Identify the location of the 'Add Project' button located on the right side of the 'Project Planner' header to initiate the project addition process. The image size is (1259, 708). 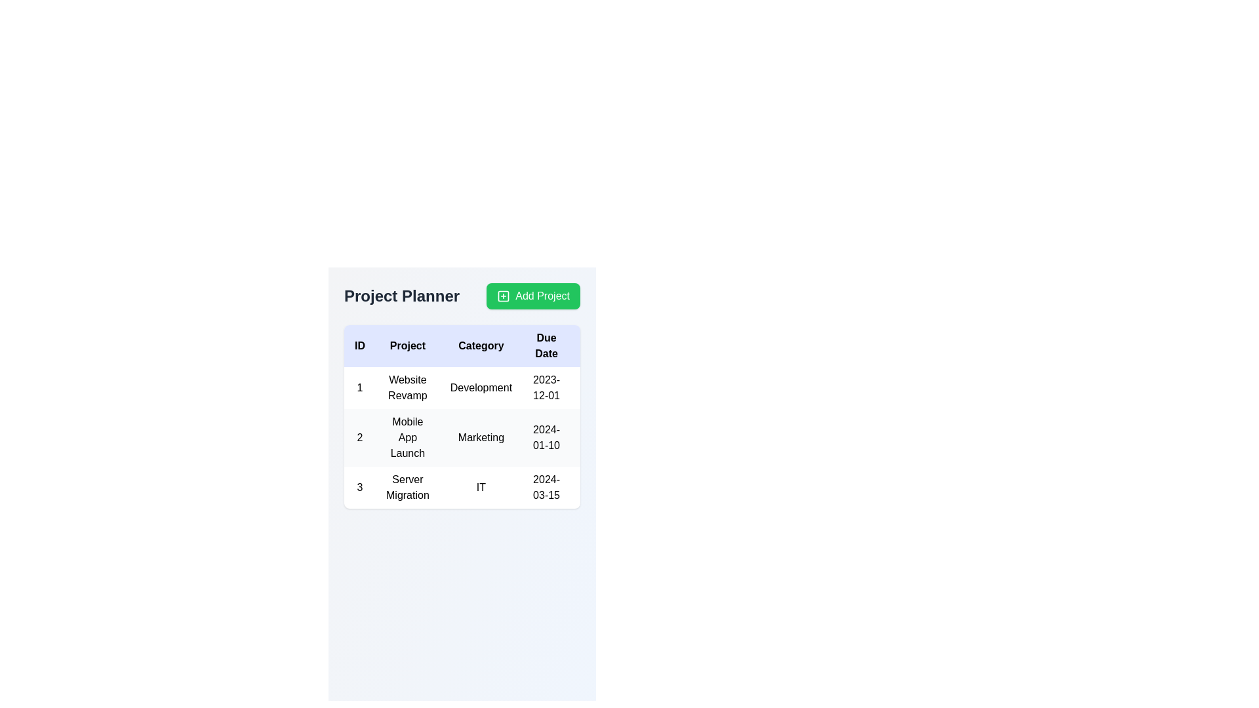
(533, 296).